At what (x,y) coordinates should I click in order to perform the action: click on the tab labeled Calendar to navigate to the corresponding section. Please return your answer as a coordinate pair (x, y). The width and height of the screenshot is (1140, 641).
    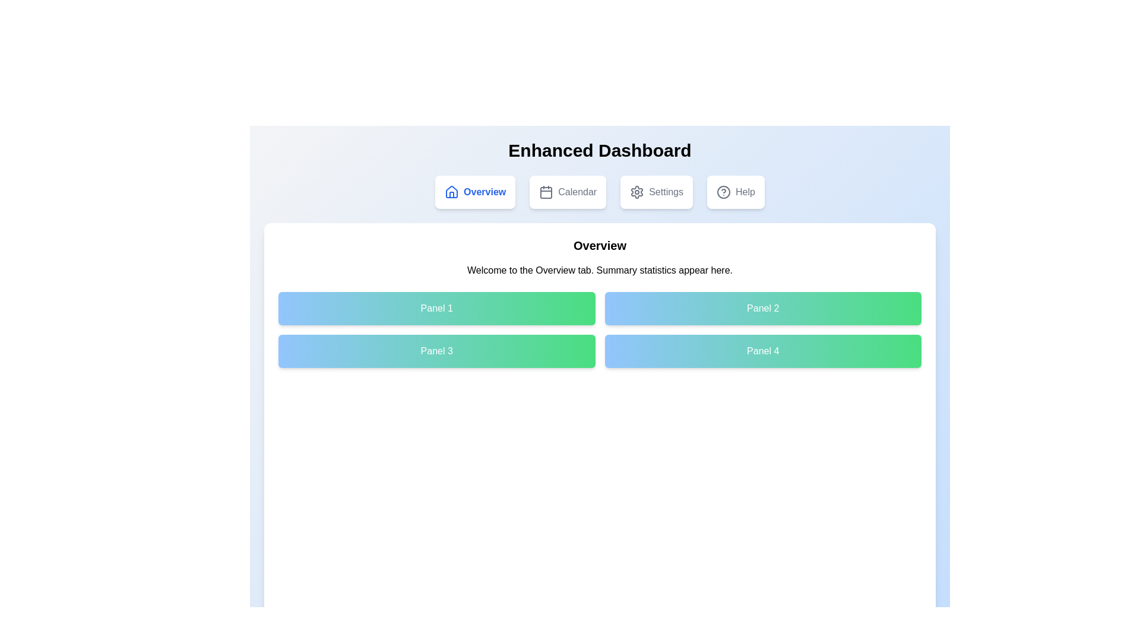
    Looking at the image, I should click on (567, 192).